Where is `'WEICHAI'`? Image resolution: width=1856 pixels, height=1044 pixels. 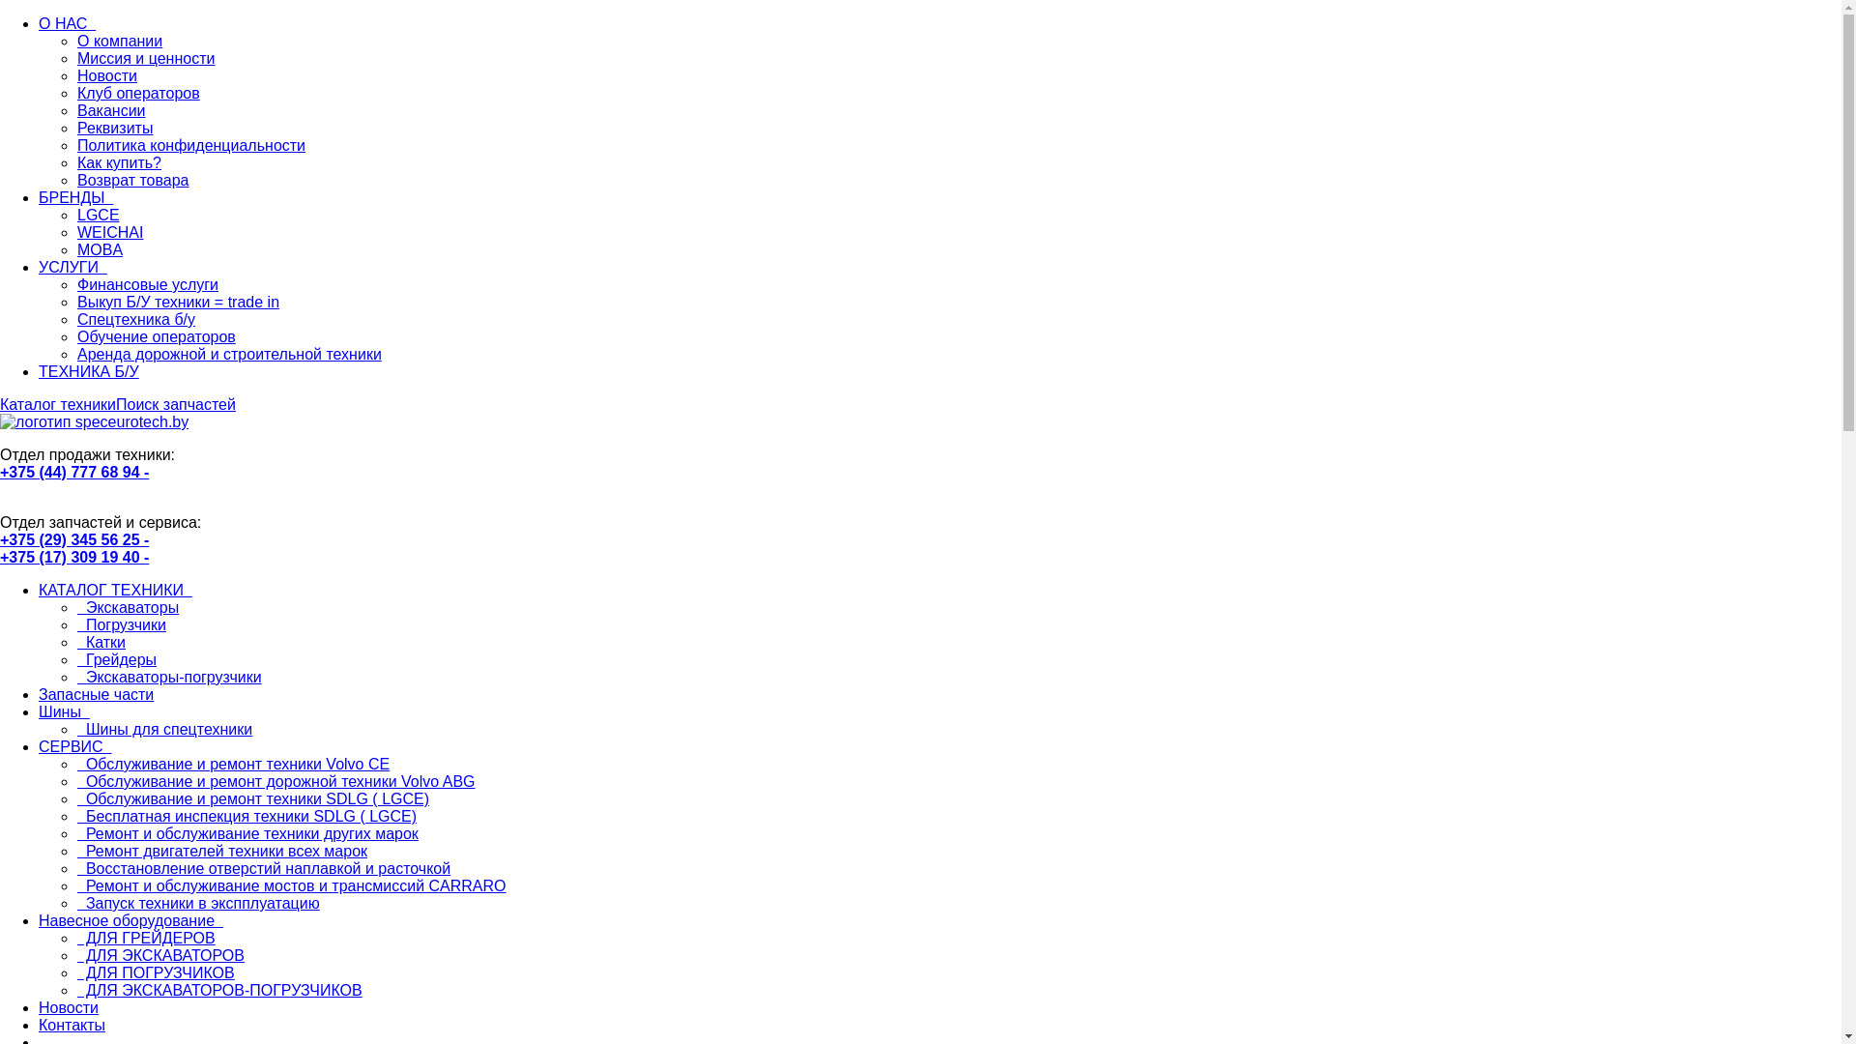
'WEICHAI' is located at coordinates (77, 231).